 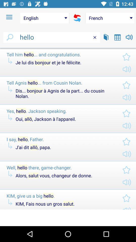 I want to click on show example in sentences, so click(x=106, y=37).